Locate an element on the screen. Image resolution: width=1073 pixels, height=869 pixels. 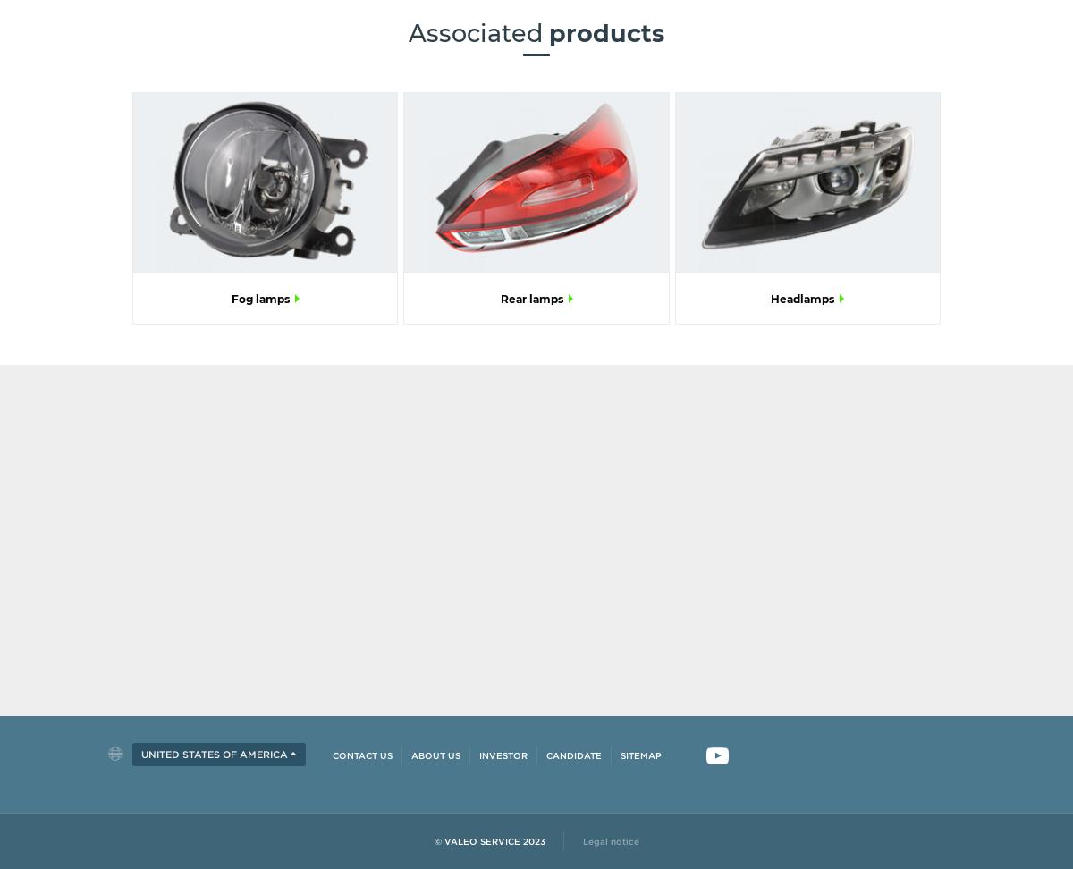
'Legal notice' is located at coordinates (610, 839).